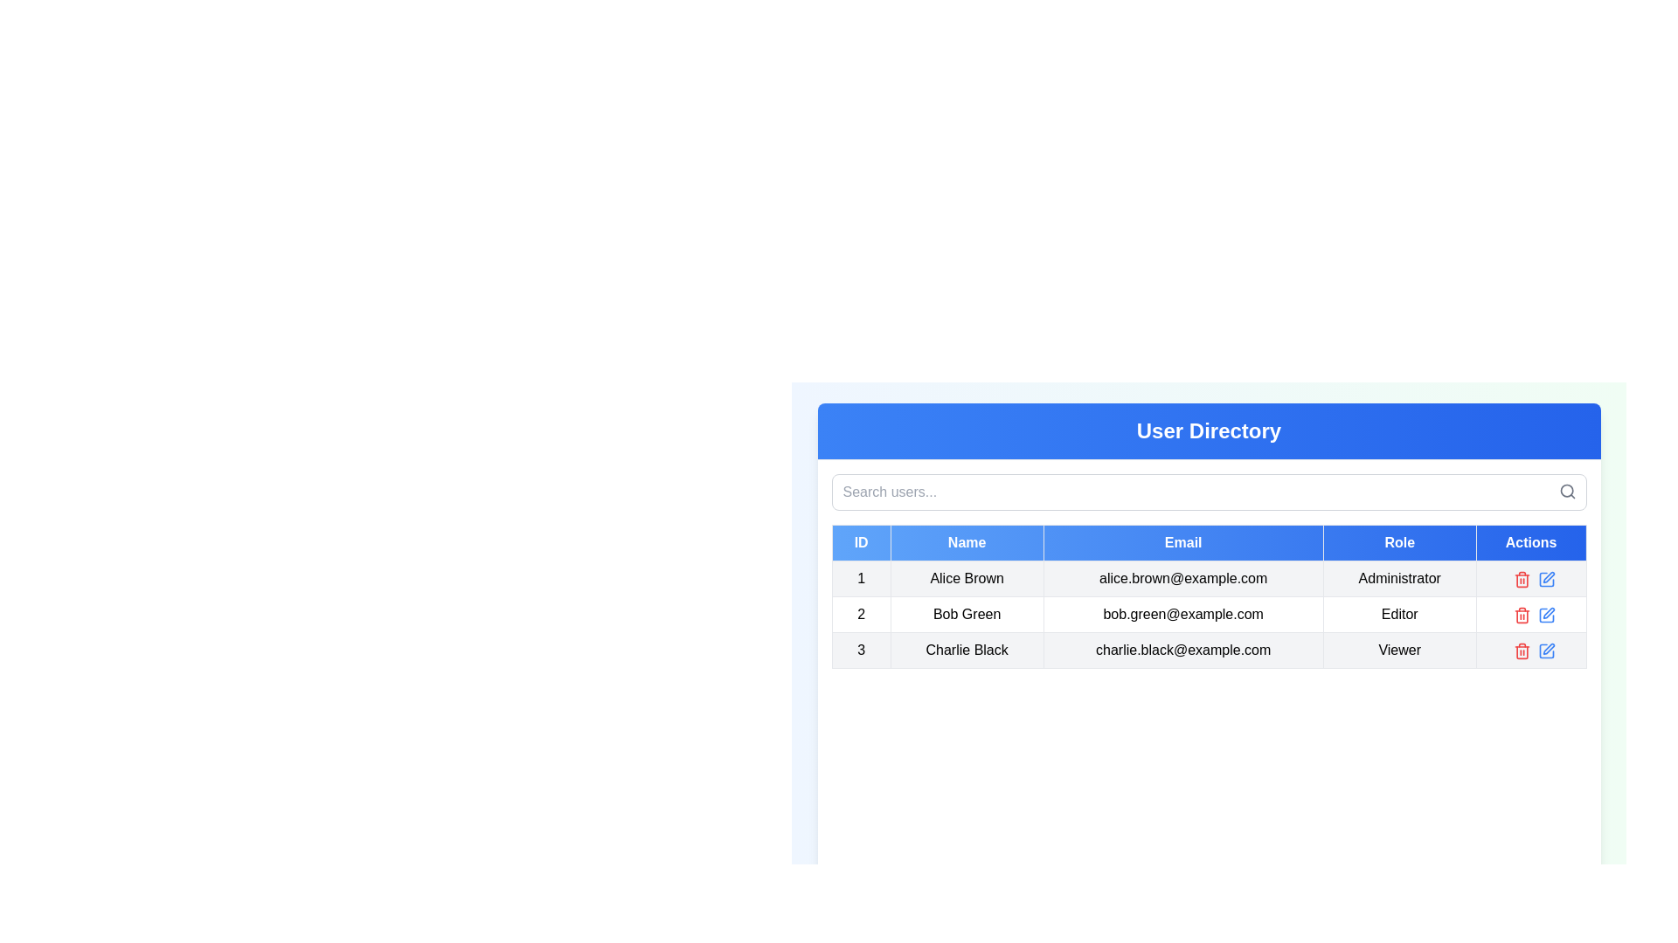 Image resolution: width=1678 pixels, height=943 pixels. Describe the element at coordinates (1547, 579) in the screenshot. I see `the Edit icon located in the Actions column of the third row in the data table` at that location.